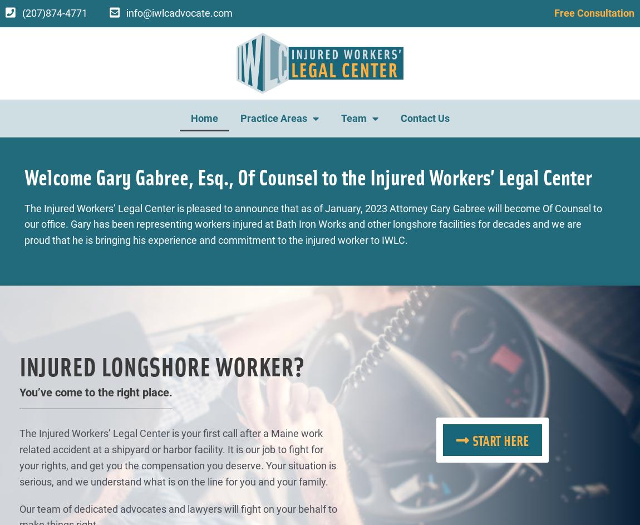  I want to click on 'Practice Areas', so click(240, 117).